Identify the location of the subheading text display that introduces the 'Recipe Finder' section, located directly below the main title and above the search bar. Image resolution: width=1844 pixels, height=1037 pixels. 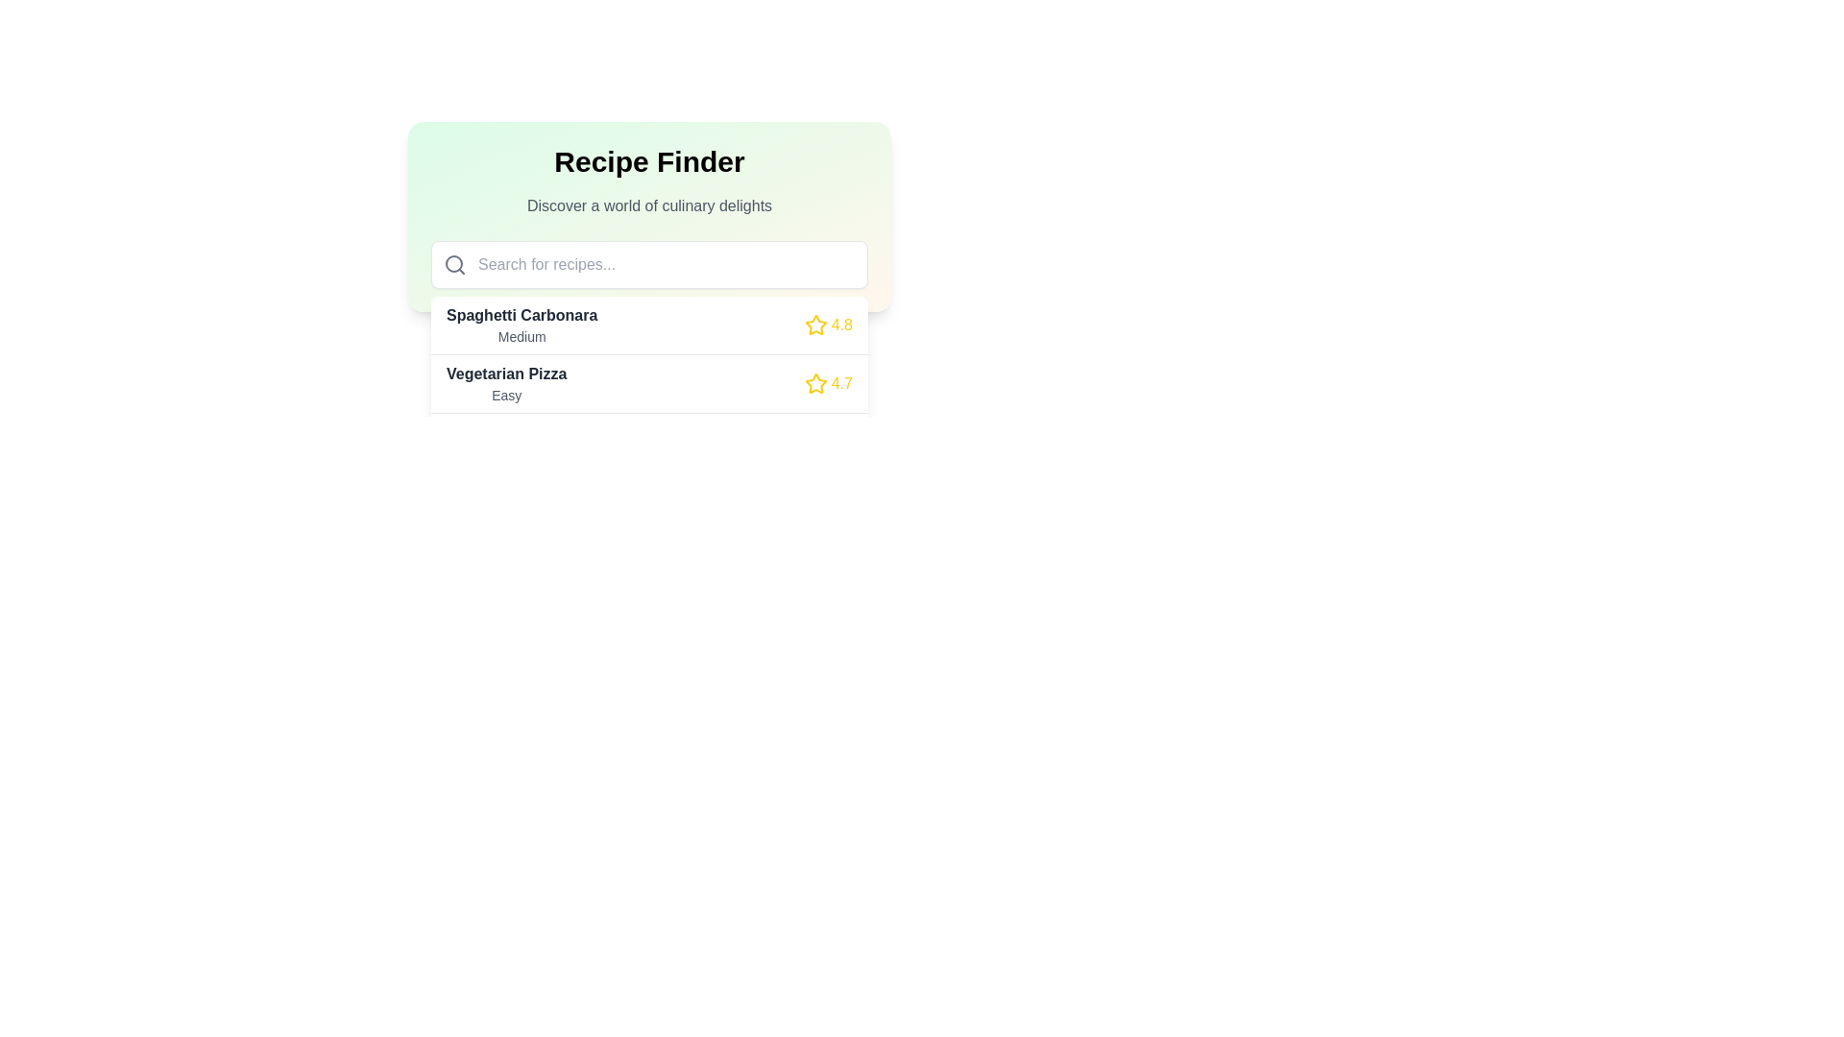
(649, 206).